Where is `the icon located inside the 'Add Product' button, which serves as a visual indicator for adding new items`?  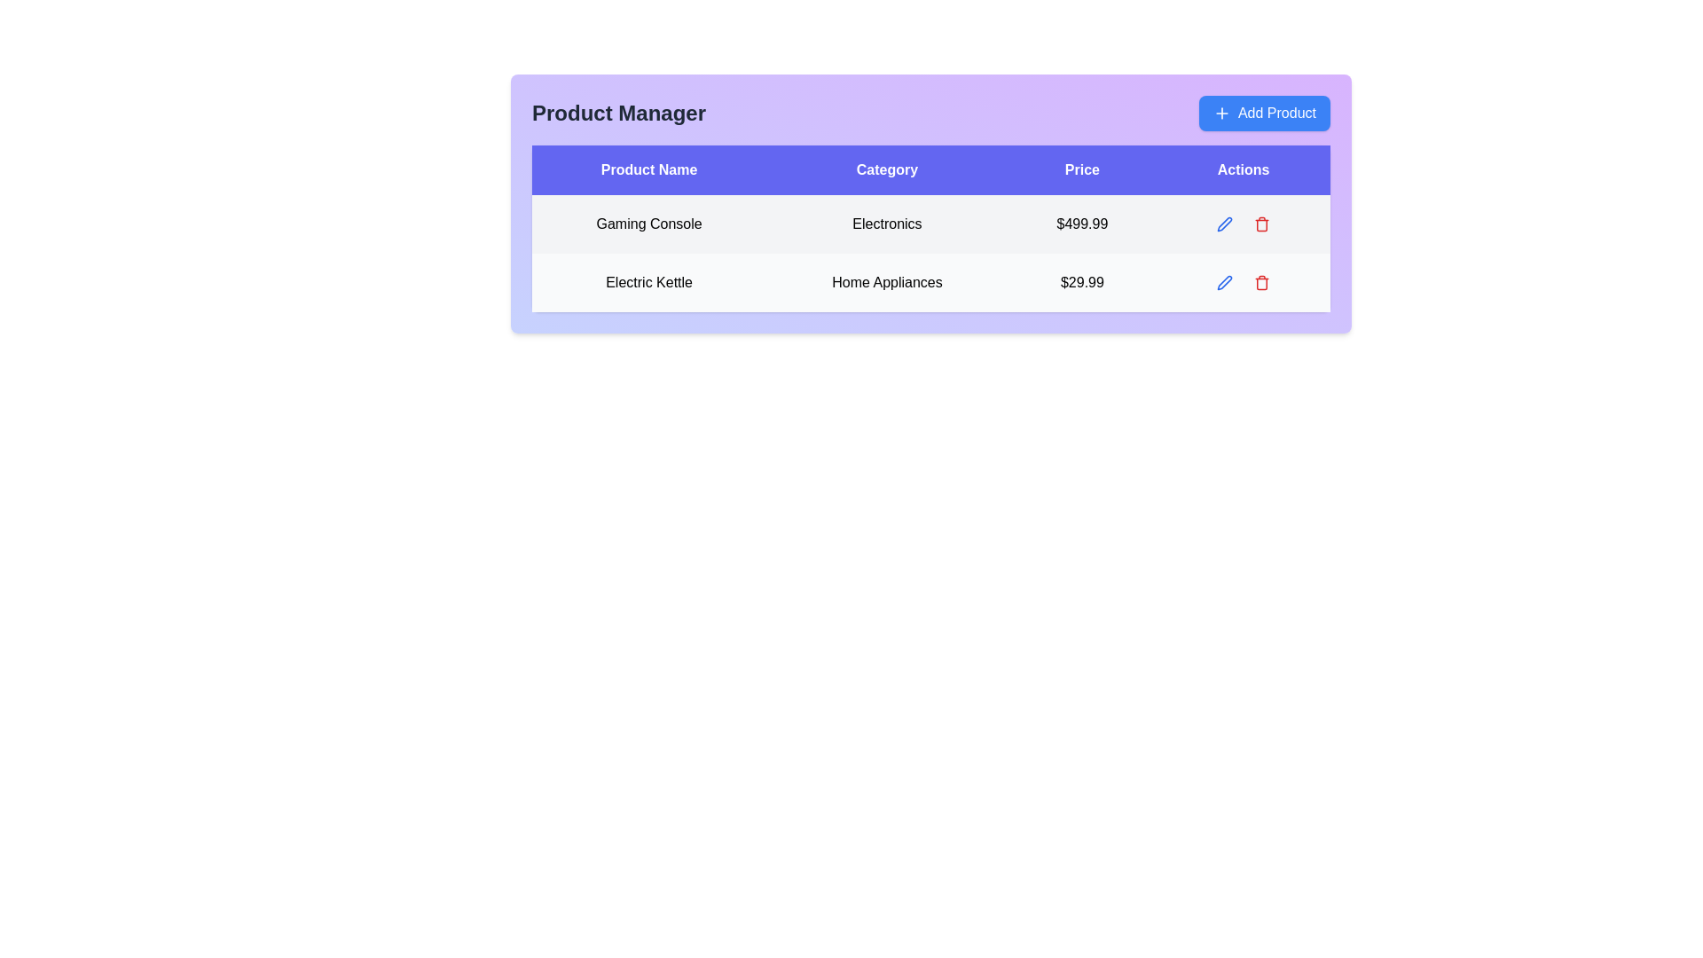
the icon located inside the 'Add Product' button, which serves as a visual indicator for adding new items is located at coordinates (1220, 113).